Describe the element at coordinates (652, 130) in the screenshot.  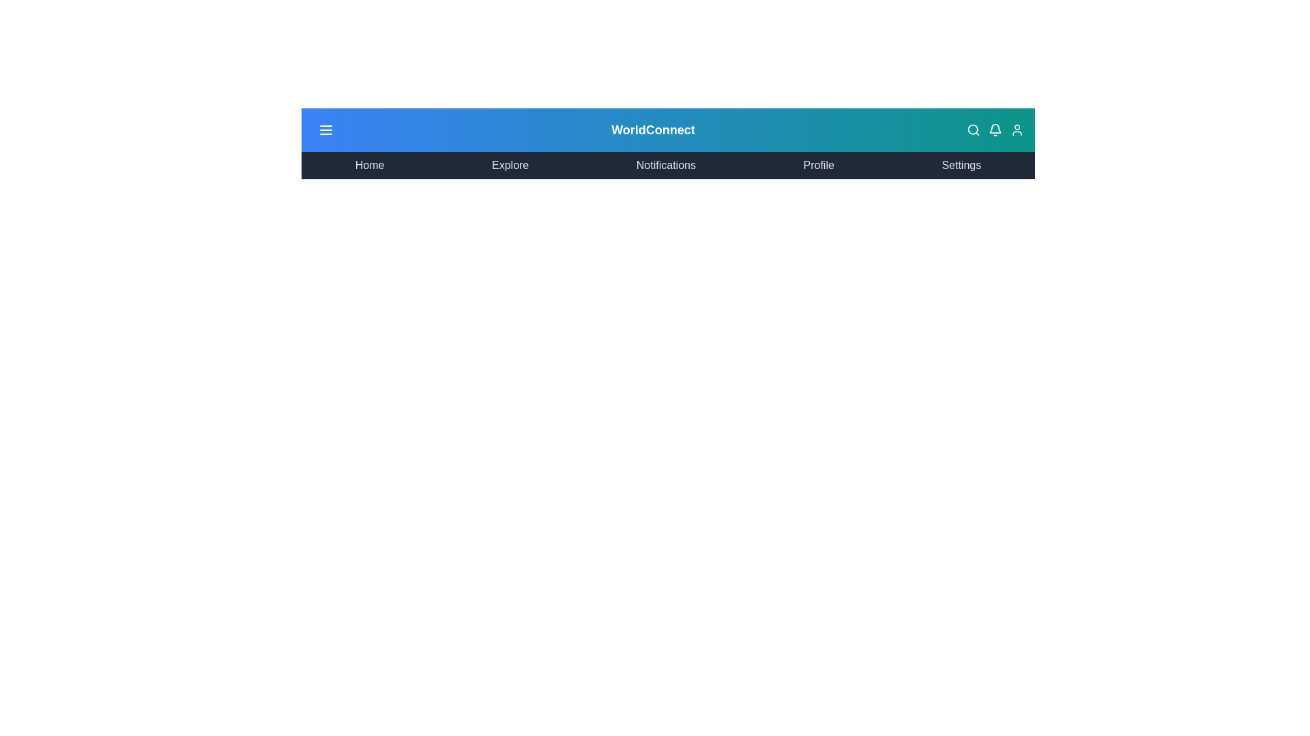
I see `the header text 'WorldConnect' to copy it` at that location.